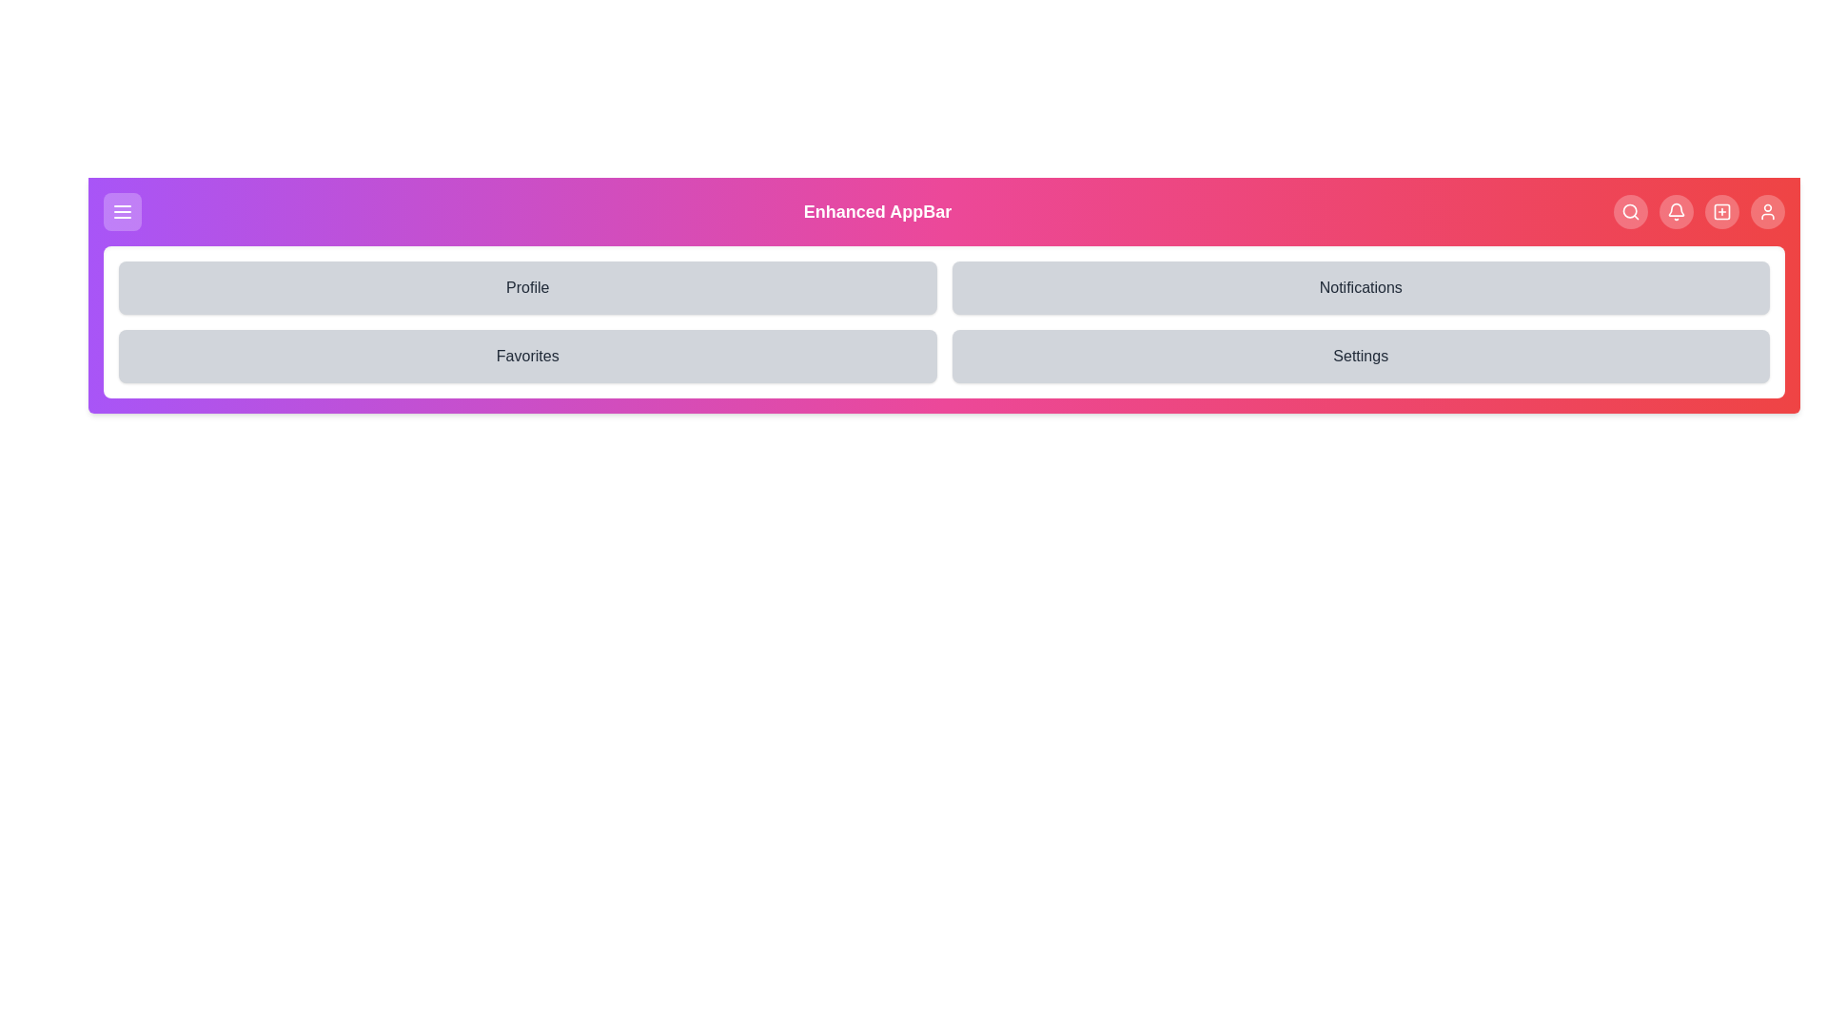 Image resolution: width=1827 pixels, height=1027 pixels. Describe the element at coordinates (122, 212) in the screenshot. I see `the hamburger button to toggle the menu visibility` at that location.